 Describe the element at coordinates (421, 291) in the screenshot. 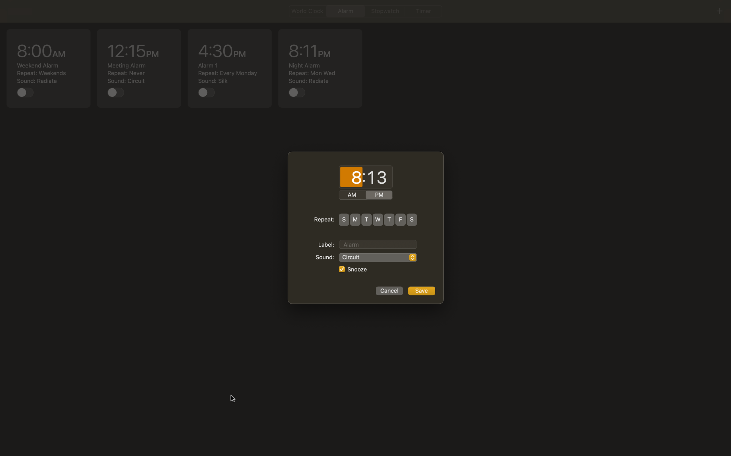

I see `Save alarm` at that location.